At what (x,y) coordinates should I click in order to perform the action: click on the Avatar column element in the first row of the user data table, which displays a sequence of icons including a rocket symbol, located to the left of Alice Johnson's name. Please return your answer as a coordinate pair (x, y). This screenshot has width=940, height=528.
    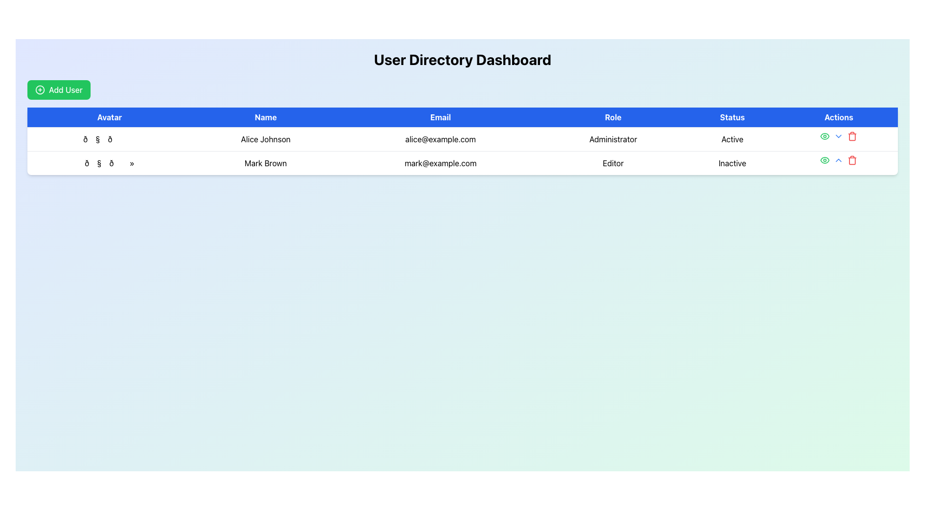
    Looking at the image, I should click on (109, 139).